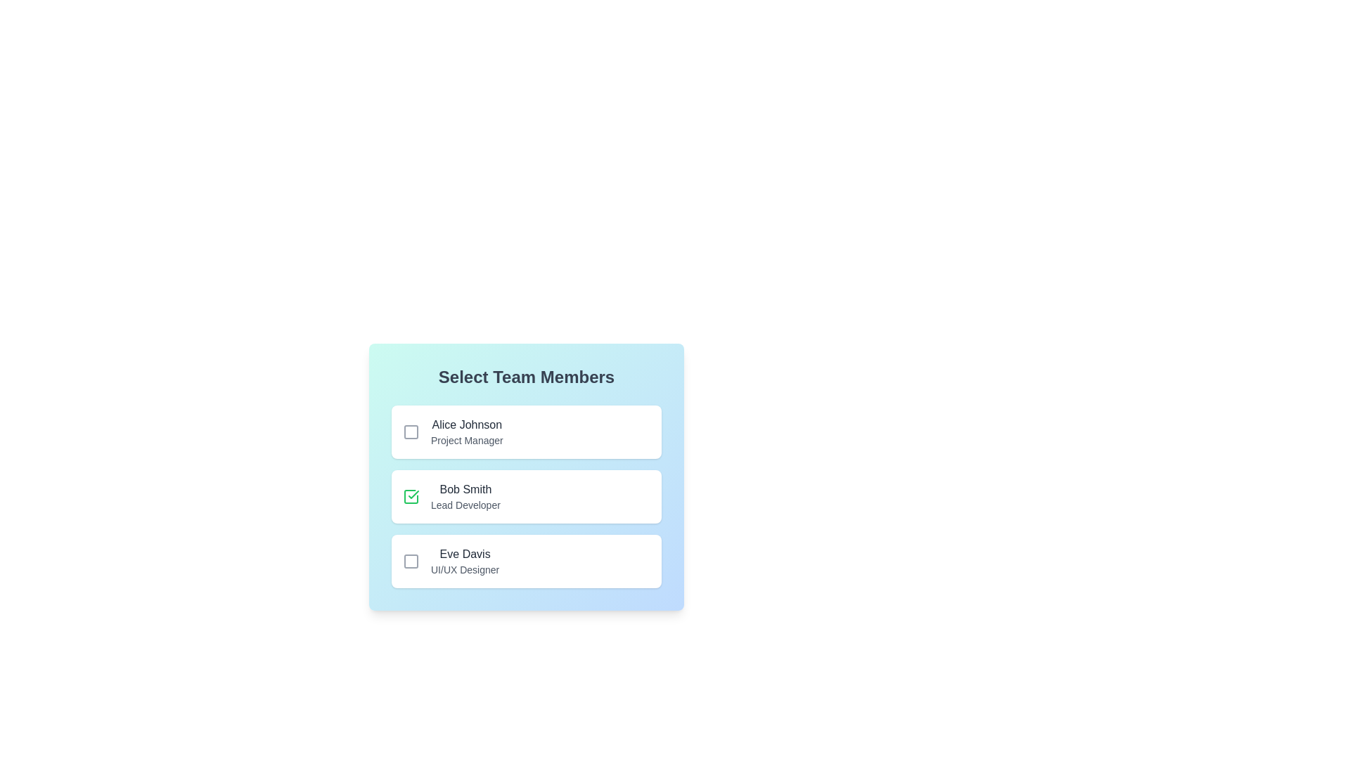 Image resolution: width=1350 pixels, height=759 pixels. I want to click on the text block labeled 'Alice Johnson' which displays 'Project Manager' underneath, positioned in the first row of the team members list, so click(467, 431).